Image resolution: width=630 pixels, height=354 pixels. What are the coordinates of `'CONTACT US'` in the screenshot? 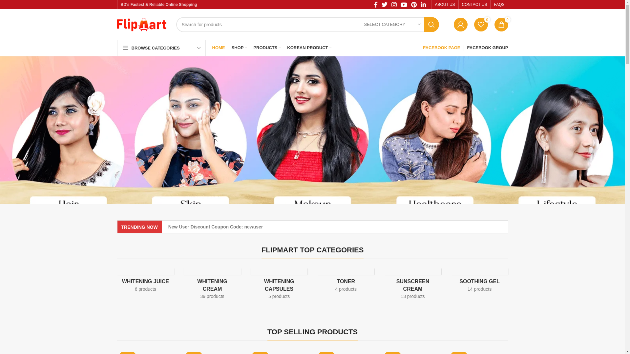 It's located at (474, 5).